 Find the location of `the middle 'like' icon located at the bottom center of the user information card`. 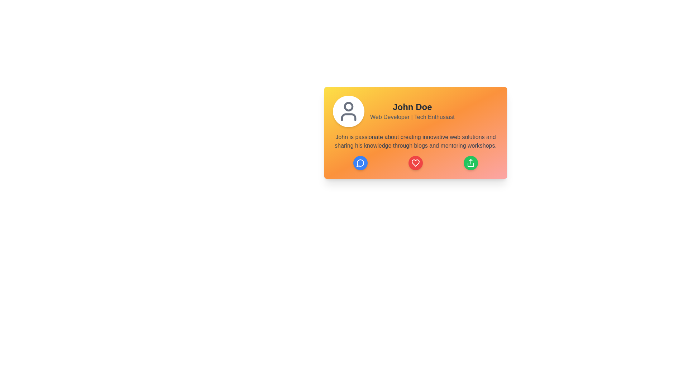

the middle 'like' icon located at the bottom center of the user information card is located at coordinates (416, 163).